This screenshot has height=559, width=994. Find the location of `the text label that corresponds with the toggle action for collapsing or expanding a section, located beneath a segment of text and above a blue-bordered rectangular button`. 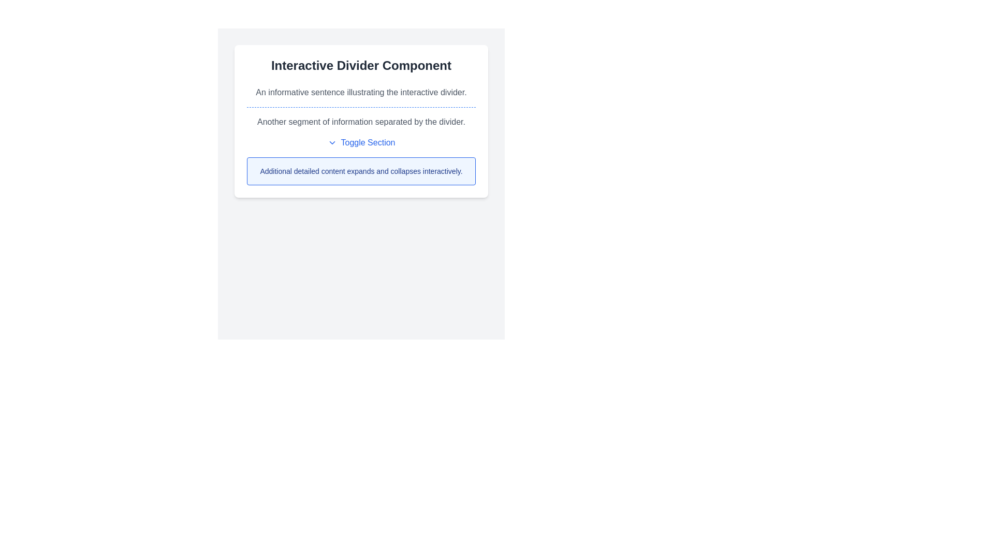

the text label that corresponds with the toggle action for collapsing or expanding a section, located beneath a segment of text and above a blue-bordered rectangular button is located at coordinates (368, 143).